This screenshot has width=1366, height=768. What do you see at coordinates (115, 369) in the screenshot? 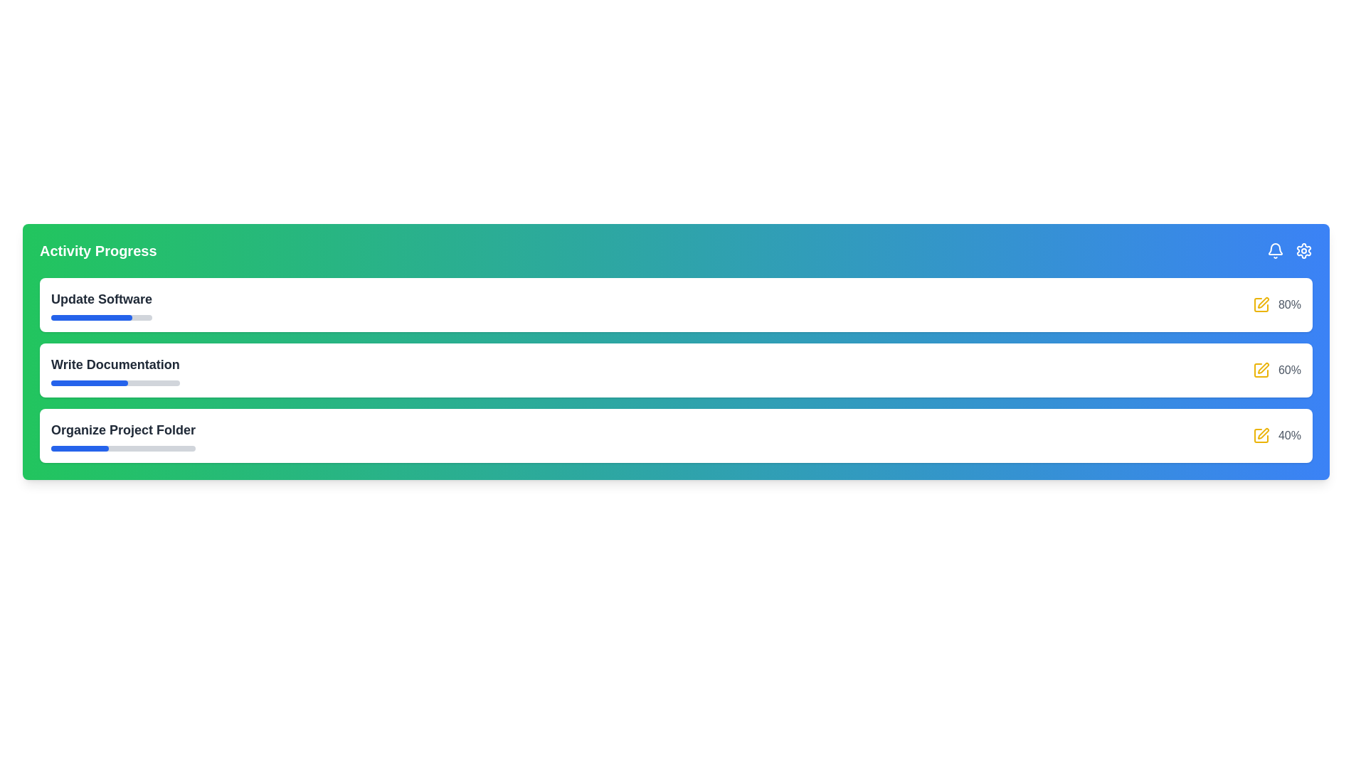
I see `the 'Write Documentation' text in the Task Header with Progress Bar` at bounding box center [115, 369].